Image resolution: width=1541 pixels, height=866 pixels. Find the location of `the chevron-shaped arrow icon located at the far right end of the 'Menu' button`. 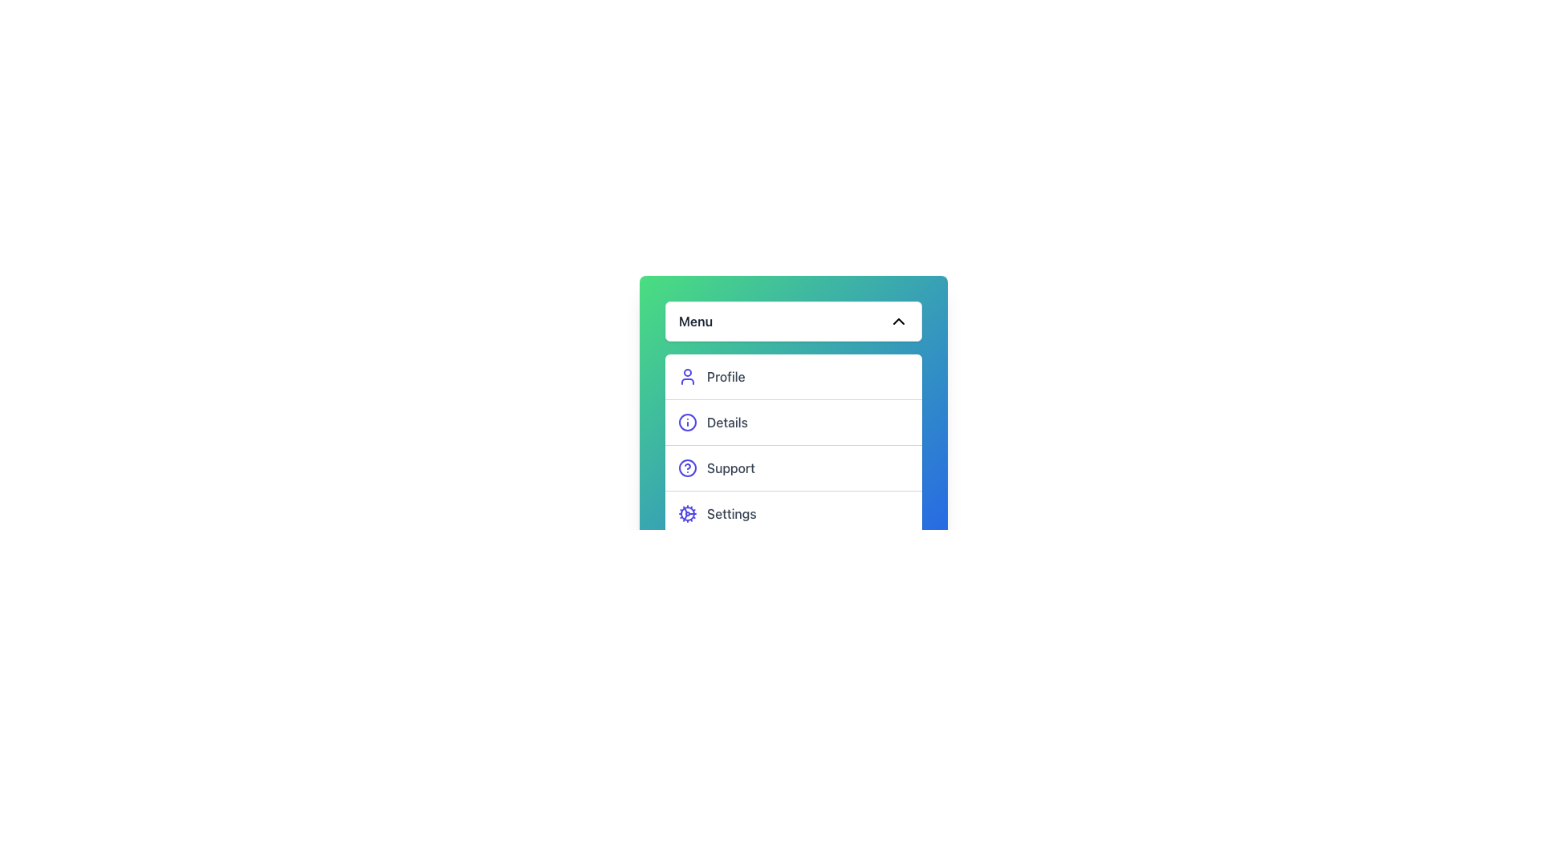

the chevron-shaped arrow icon located at the far right end of the 'Menu' button is located at coordinates (897, 322).